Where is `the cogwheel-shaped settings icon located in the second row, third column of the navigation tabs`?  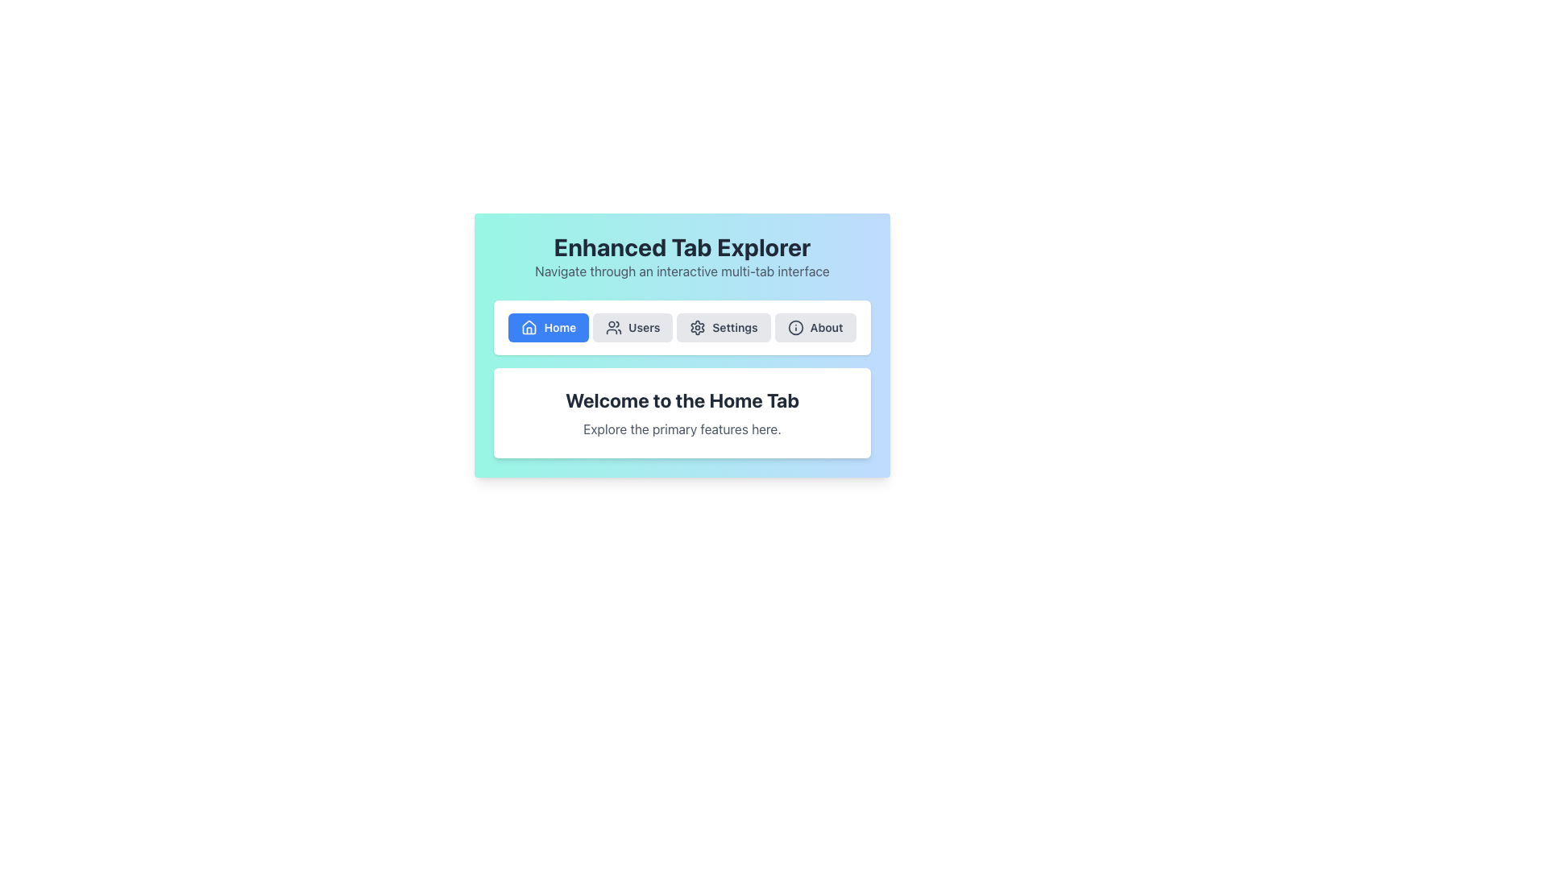
the cogwheel-shaped settings icon located in the second row, third column of the navigation tabs is located at coordinates (698, 327).